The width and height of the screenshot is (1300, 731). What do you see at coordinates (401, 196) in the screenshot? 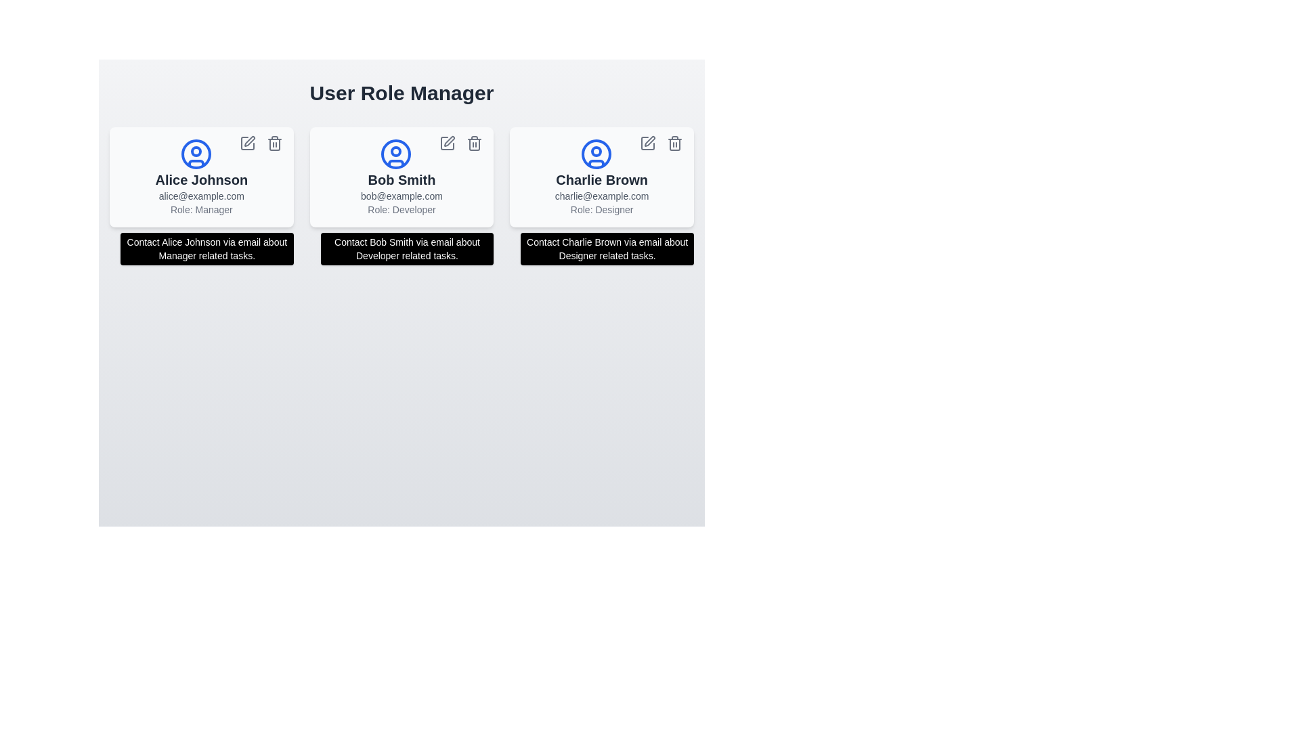
I see `the static text displaying the email address of the user, positioned in the center card below 'Bob Smith' and above 'Role: Developer'` at bounding box center [401, 196].